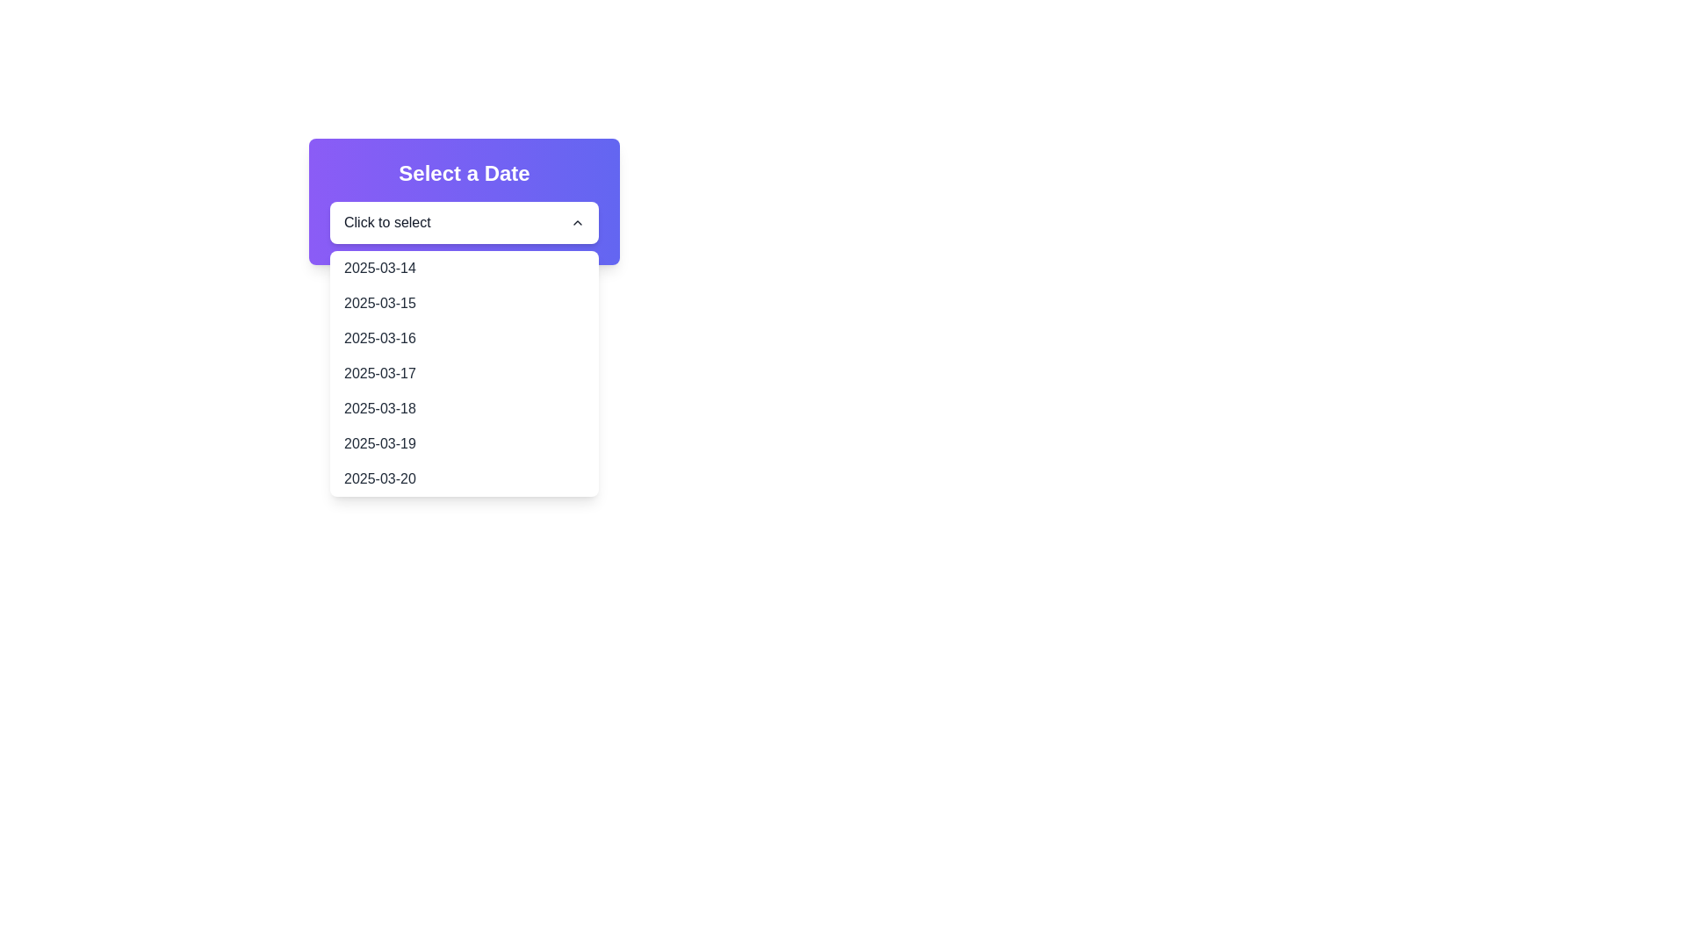  I want to click on the selectable dropdown list item displaying '2025-03-18', so click(464, 409).